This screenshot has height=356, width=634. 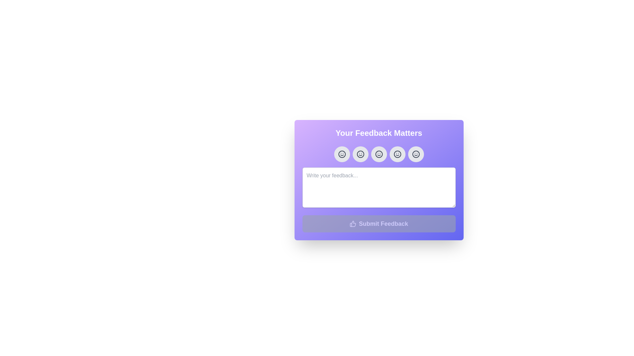 I want to click on the Icon component representing user emotions, specifically the clown face emoji with a red circular nose, located beneath the heading 'Your Feedback Matters', so click(x=360, y=154).